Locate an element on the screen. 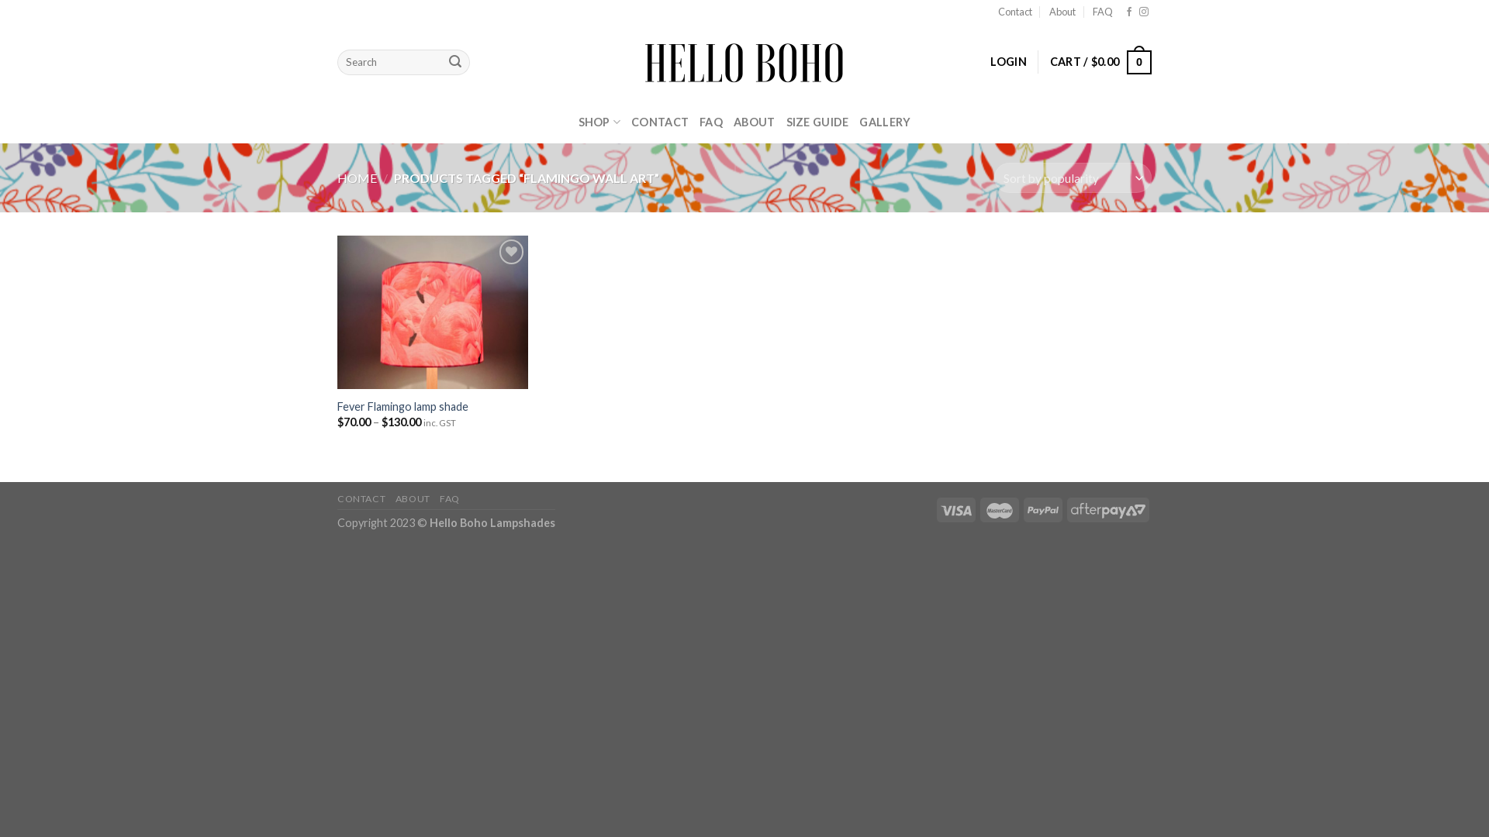 This screenshot has width=1489, height=837. 'About' is located at coordinates (1061, 12).